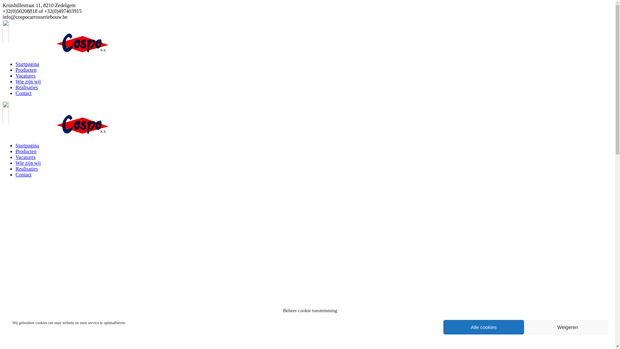  I want to click on 'Startpagina', so click(15, 145).